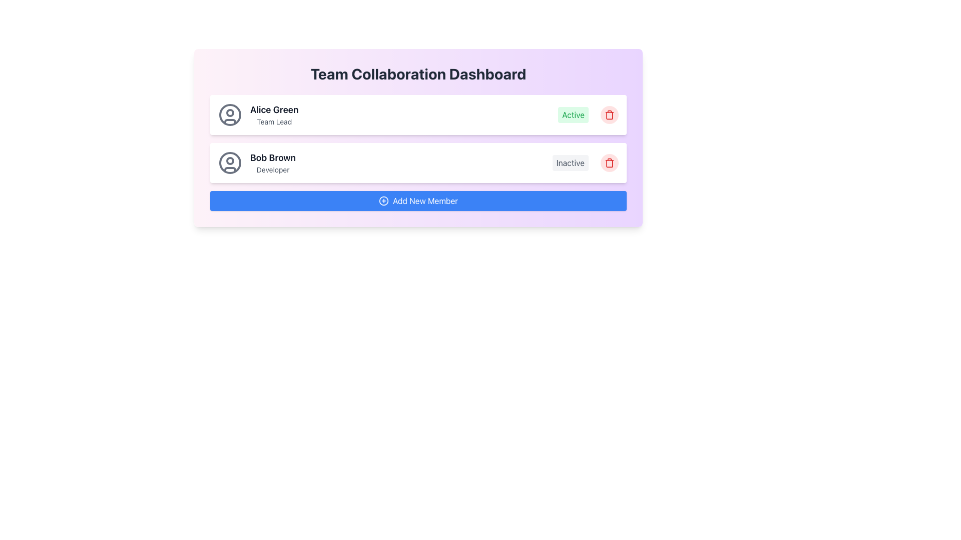 The height and width of the screenshot is (540, 961). What do you see at coordinates (230, 112) in the screenshot?
I see `the graphical sub-component or icon located in the upper section of the user profile picture` at bounding box center [230, 112].